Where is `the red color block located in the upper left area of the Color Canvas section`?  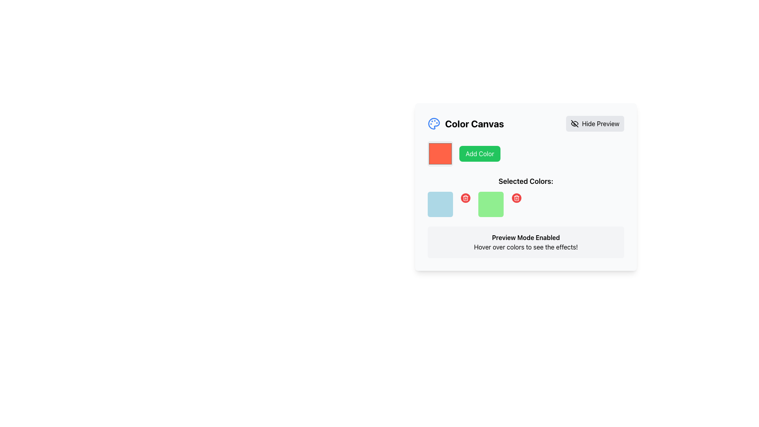
the red color block located in the upper left area of the Color Canvas section is located at coordinates (440, 154).